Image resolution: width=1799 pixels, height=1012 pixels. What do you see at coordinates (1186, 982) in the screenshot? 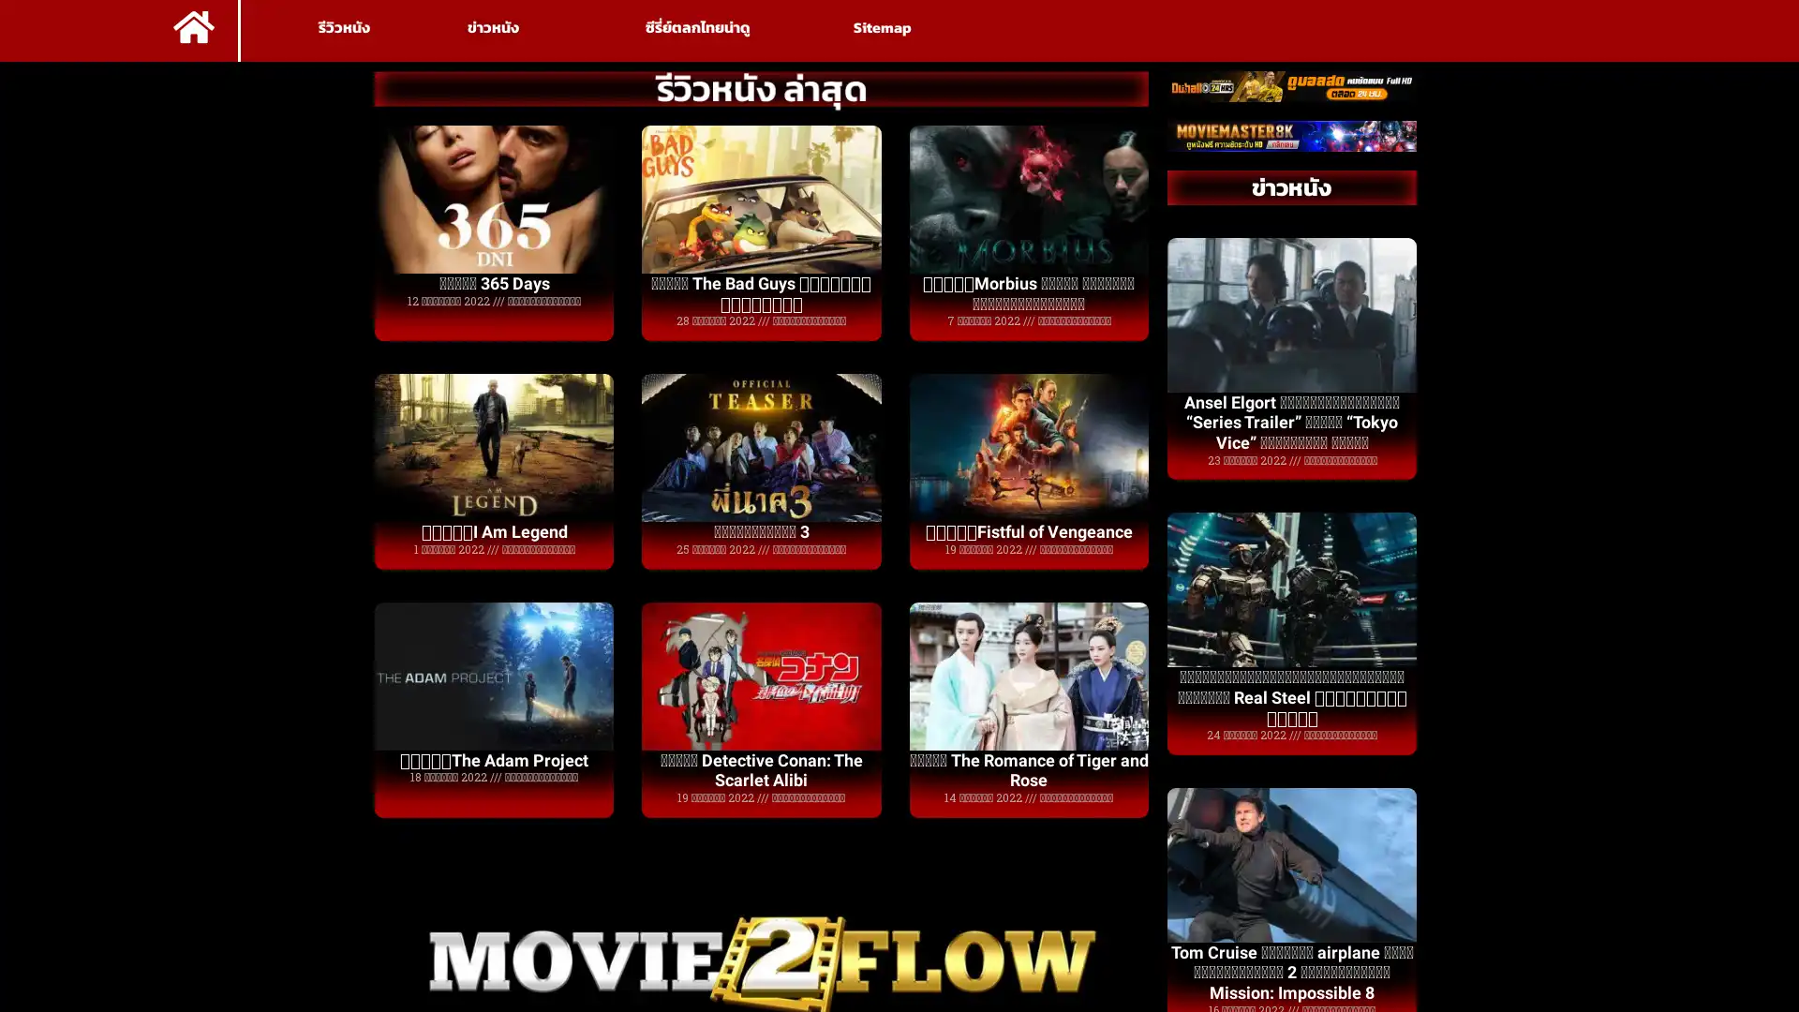
I see `Accept` at bounding box center [1186, 982].